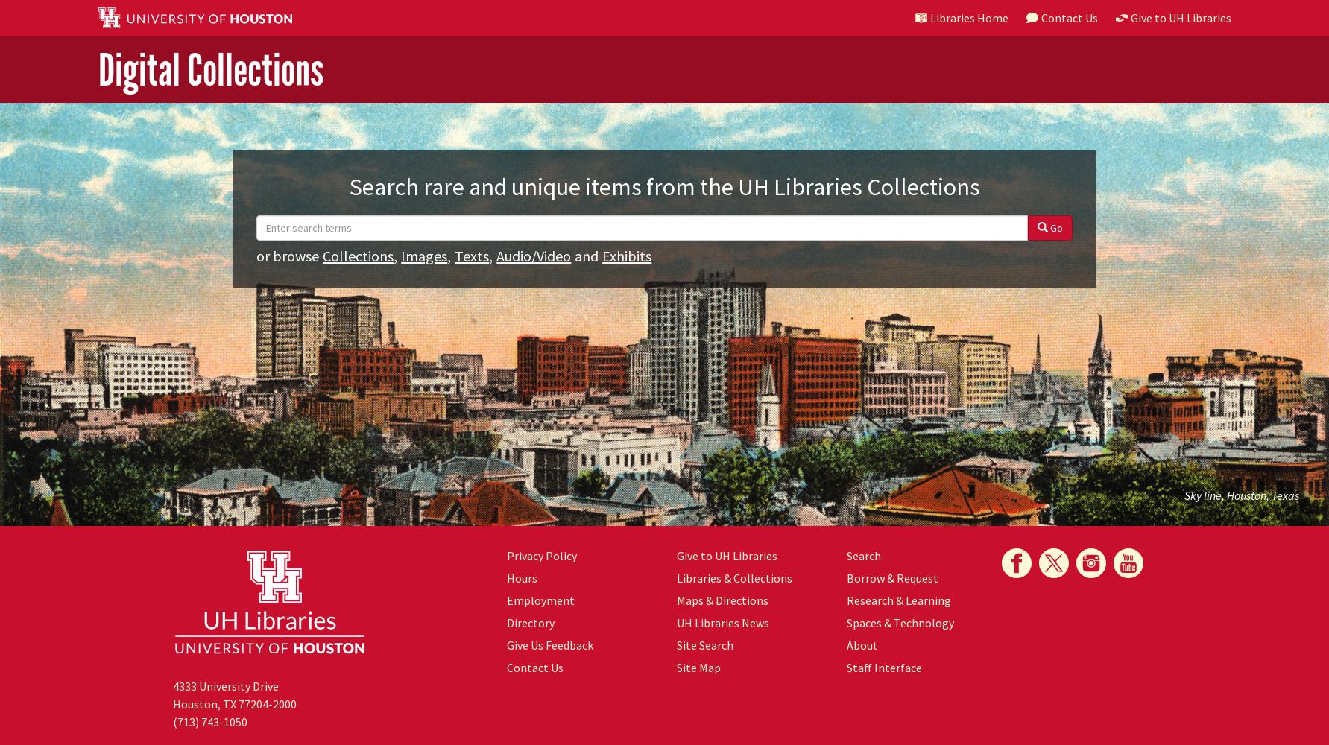 The width and height of the screenshot is (1329, 745). Describe the element at coordinates (862, 555) in the screenshot. I see `'Search'` at that location.